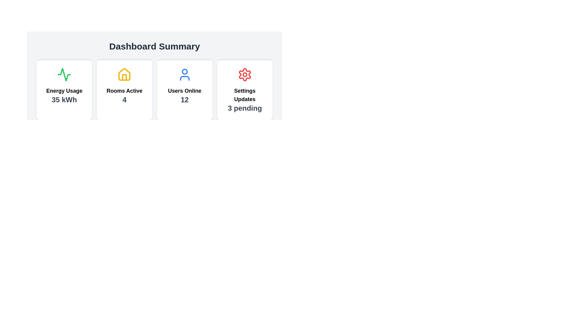  Describe the element at coordinates (184, 90) in the screenshot. I see `the Information Card that displays the number of users currently online, which is the third card in a grid of four, positioned between 'Rooms Active' and 'Settings Updates'` at that location.